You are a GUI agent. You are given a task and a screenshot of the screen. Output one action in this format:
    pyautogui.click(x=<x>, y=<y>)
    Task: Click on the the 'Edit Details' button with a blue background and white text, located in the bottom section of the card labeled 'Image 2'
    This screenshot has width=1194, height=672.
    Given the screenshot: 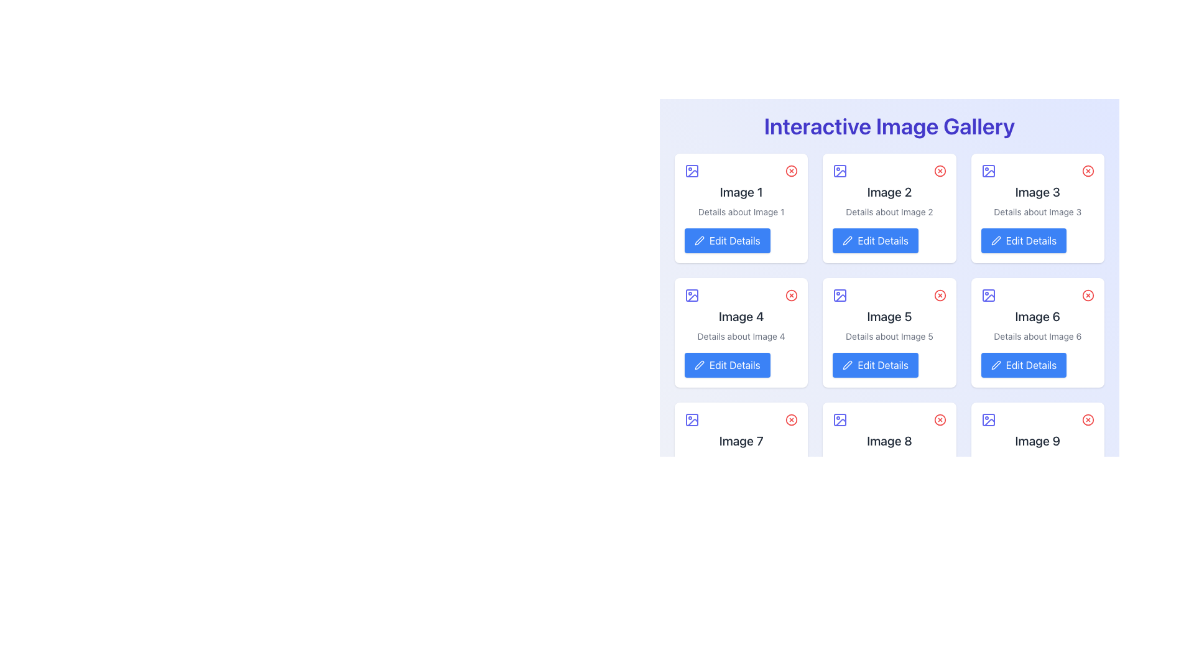 What is the action you would take?
    pyautogui.click(x=874, y=240)
    